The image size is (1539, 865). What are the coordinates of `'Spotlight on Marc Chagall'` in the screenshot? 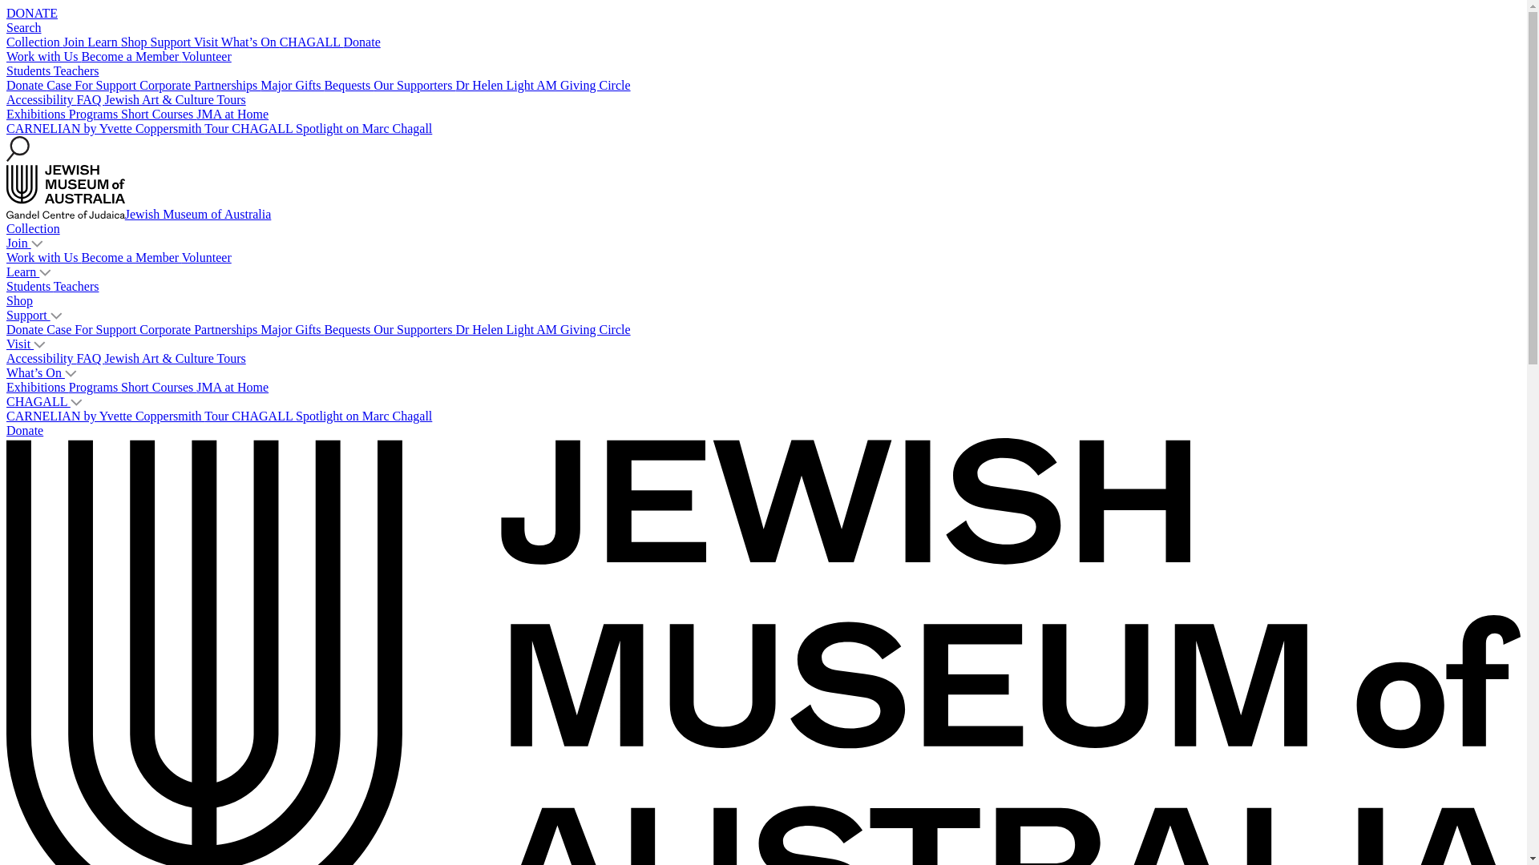 It's located at (363, 127).